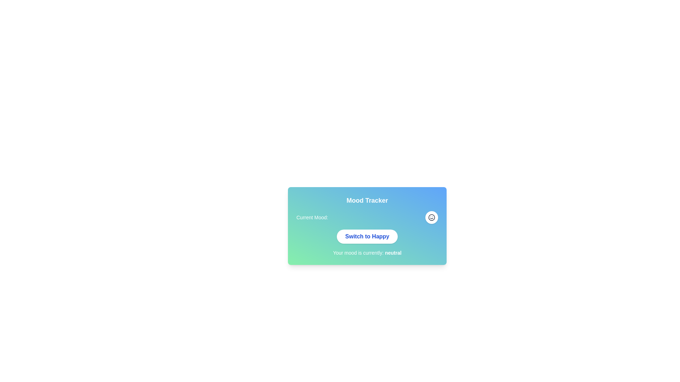 The width and height of the screenshot is (680, 382). Describe the element at coordinates (367, 201) in the screenshot. I see `title of the card located at the top of the mood tracking card, which serves as the heading and identifies the content and purpose of the card` at that location.